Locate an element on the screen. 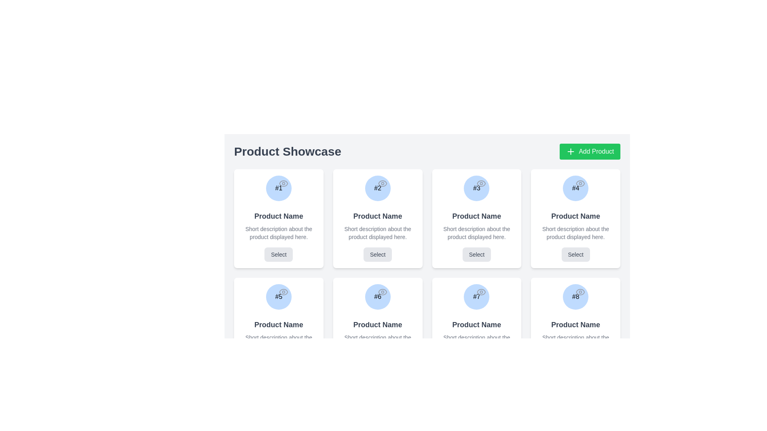  the actionable button at the bottom of the fourth card in the top row of the grid is located at coordinates (575, 254).